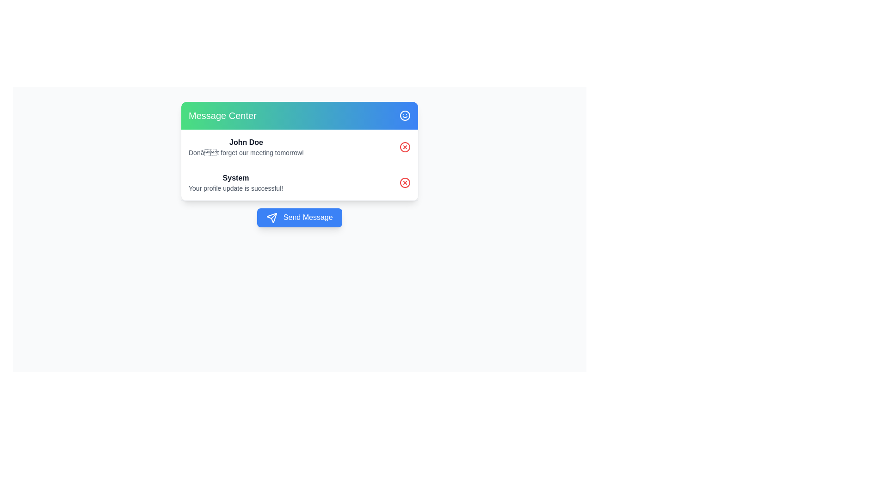  Describe the element at coordinates (405, 182) in the screenshot. I see `the dismiss icon (SVG) located at the bottom-right portion of the interface` at that location.